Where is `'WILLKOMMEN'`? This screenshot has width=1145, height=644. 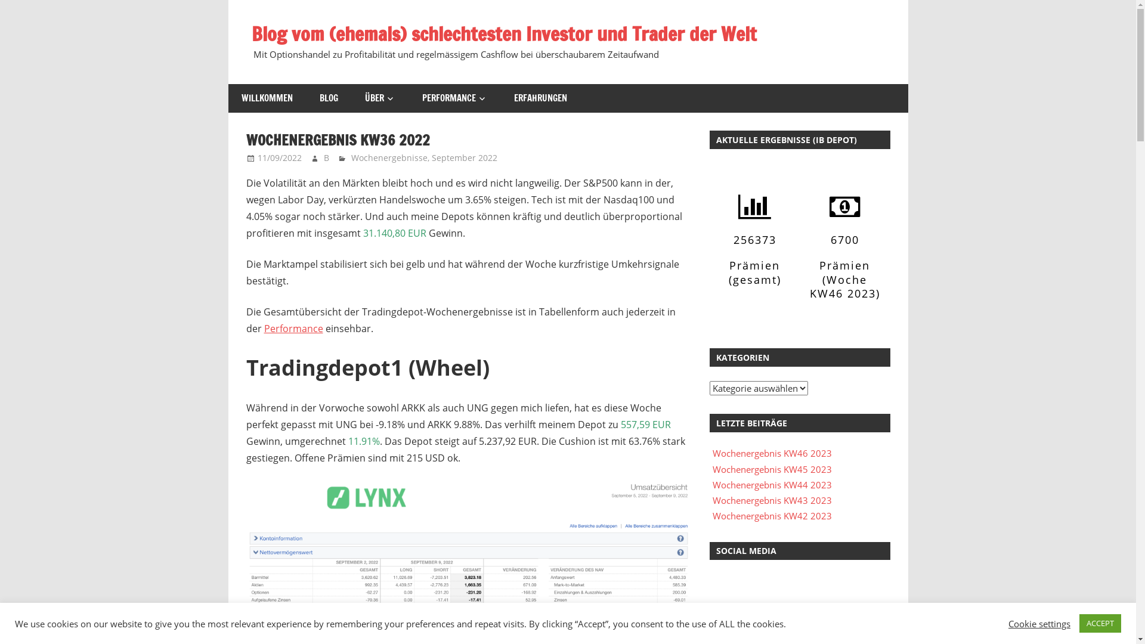
'WILLKOMMEN' is located at coordinates (266, 98).